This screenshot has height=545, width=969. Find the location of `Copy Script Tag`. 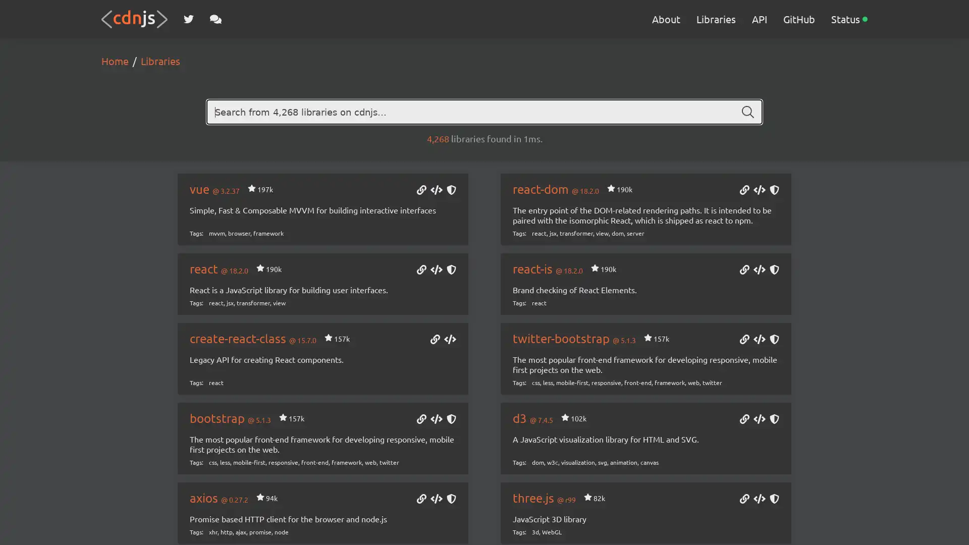

Copy Script Tag is located at coordinates (759, 340).